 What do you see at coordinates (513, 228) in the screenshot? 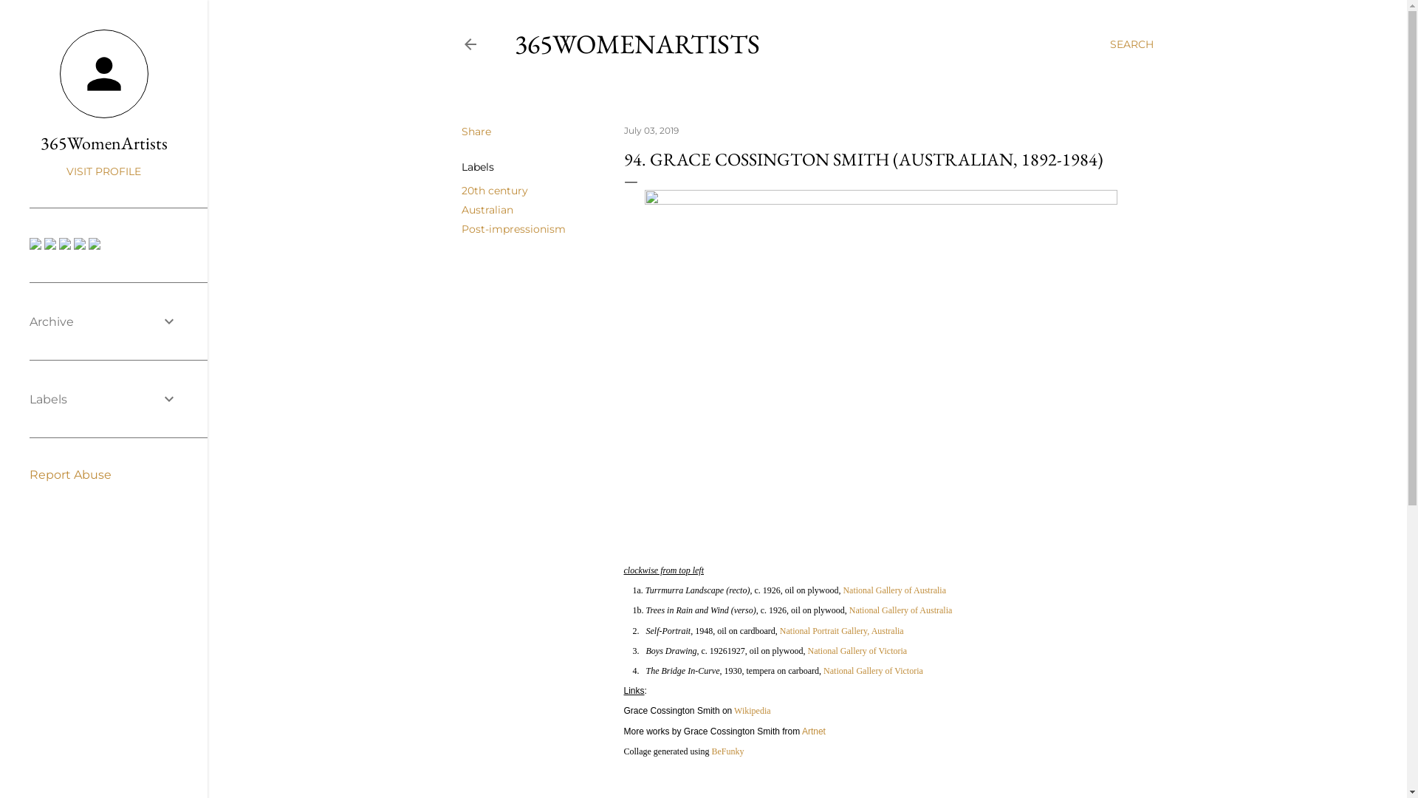
I see `'Post-impressionism'` at bounding box center [513, 228].